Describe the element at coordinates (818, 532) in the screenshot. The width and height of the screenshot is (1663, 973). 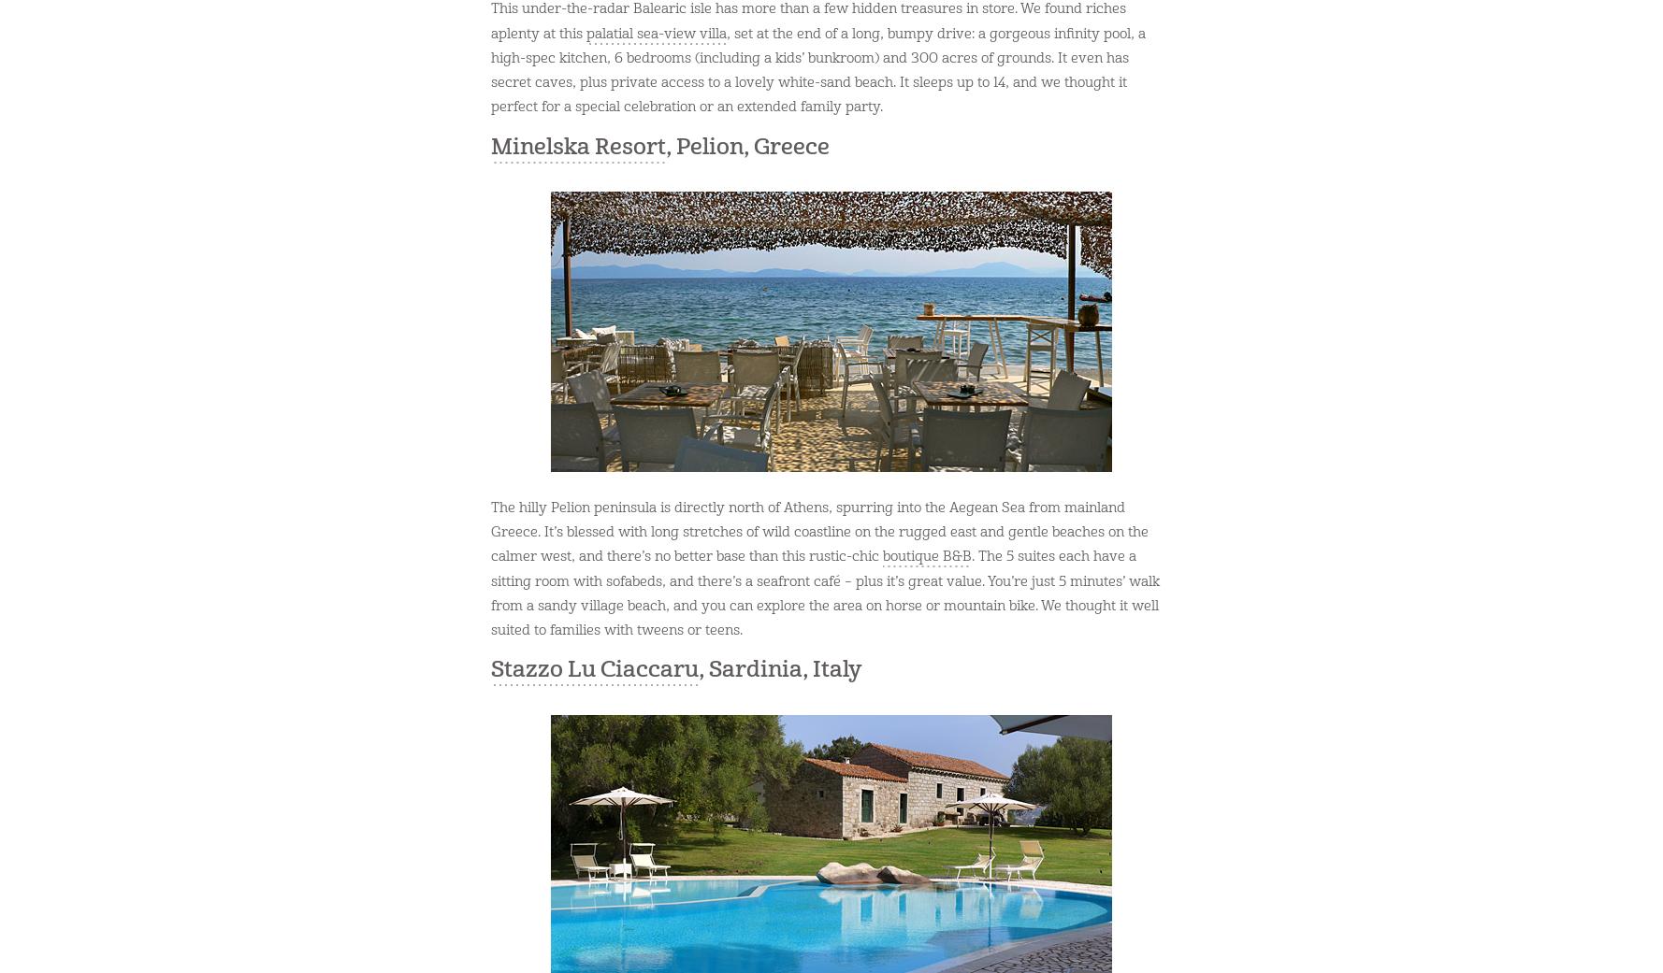
I see `'The hilly Pelion peninsula is directly north of Athens, spurring into the Aegean Sea from mainland Greece. It’s blessed with long stretches of wild coastline on the rugged east and gentle beaches on the calmer west, and there’s no better base than this rustic-chic'` at that location.